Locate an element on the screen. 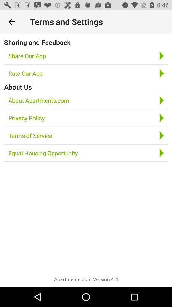 The image size is (172, 307). the item below terms of service is located at coordinates (43, 153).